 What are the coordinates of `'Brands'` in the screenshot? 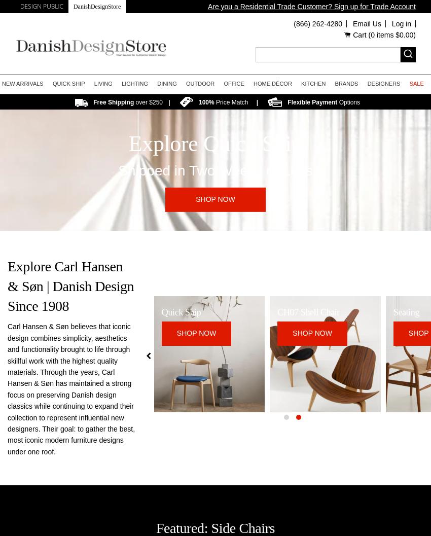 It's located at (345, 83).